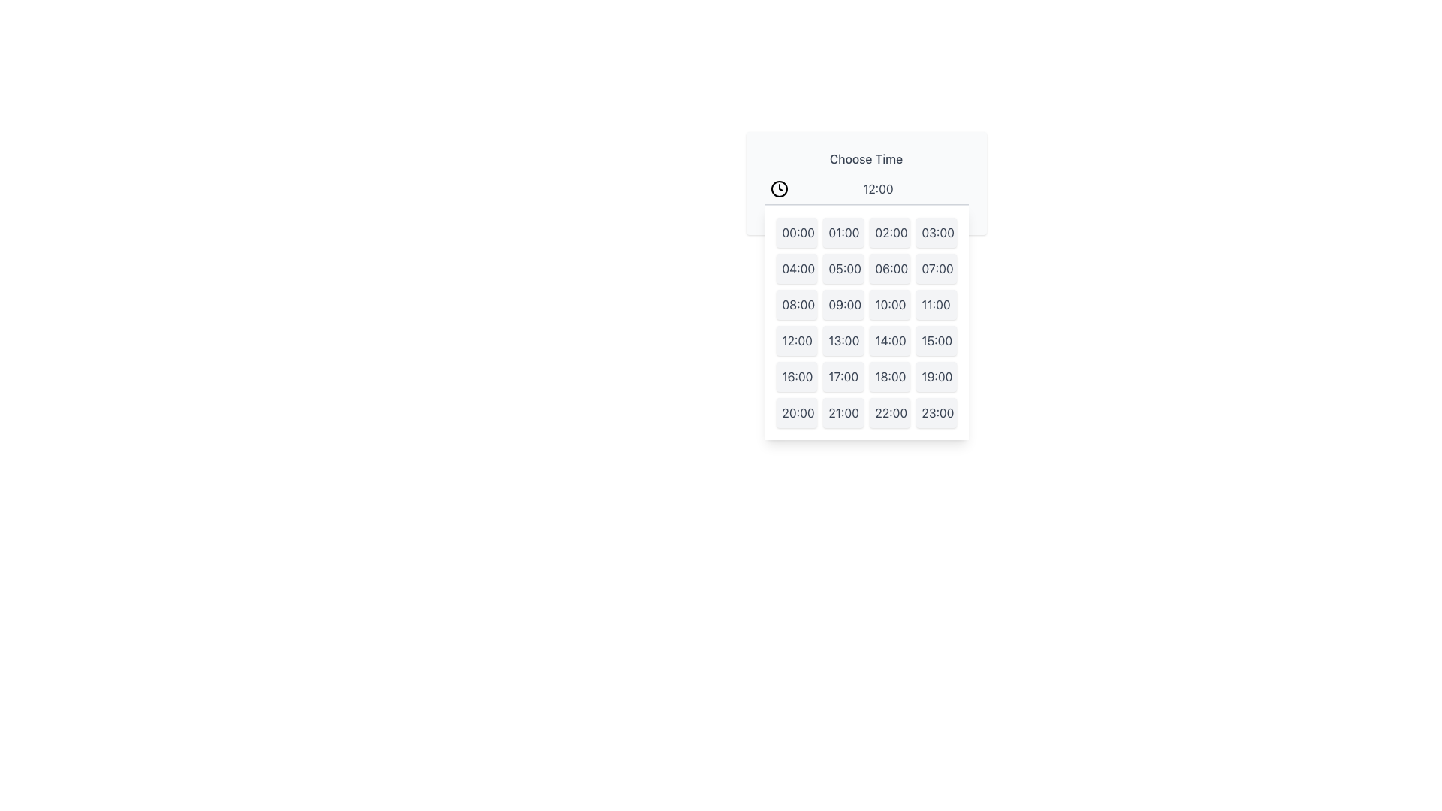 This screenshot has height=811, width=1442. I want to click on the button, so click(935, 341).